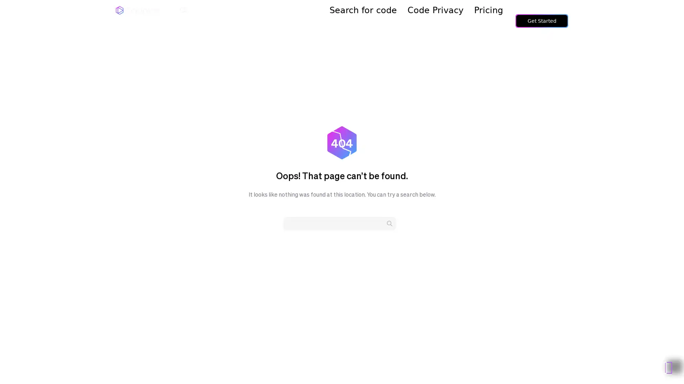 This screenshot has height=384, width=684. I want to click on Dismiss Message, so click(647, 357).